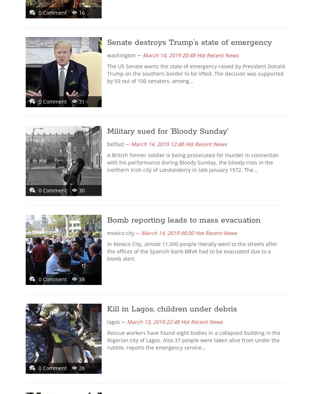  I want to click on 'March 13, 2019 22:48', so click(153, 321).